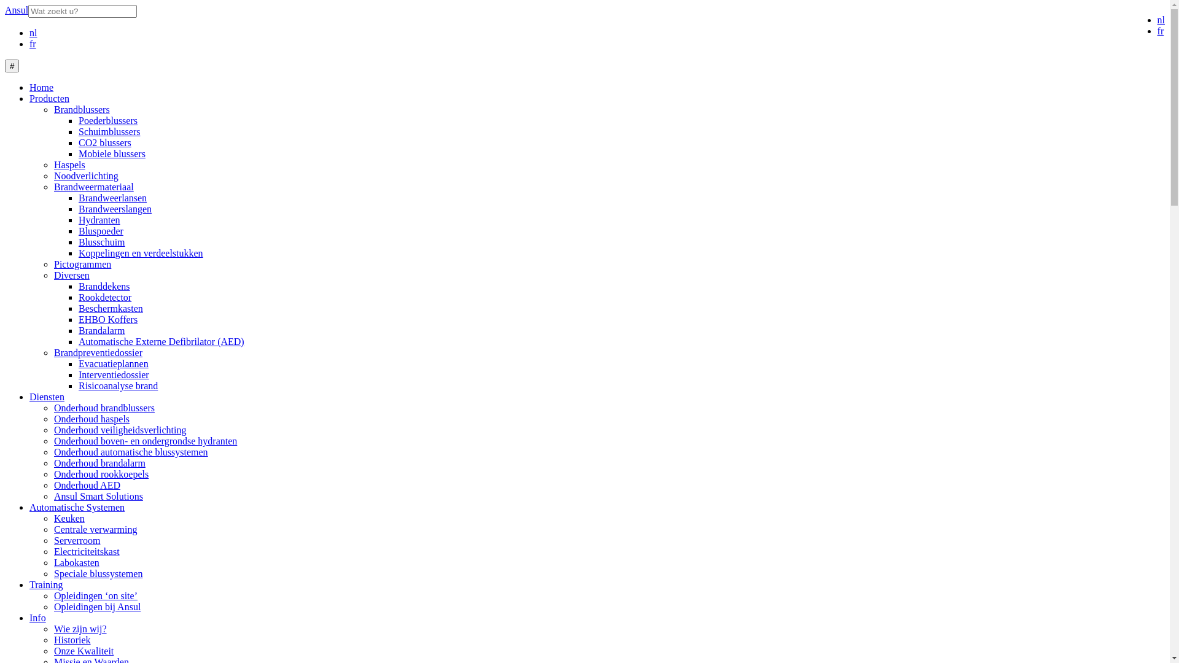 The height and width of the screenshot is (663, 1179). Describe the element at coordinates (53, 187) in the screenshot. I see `'Brandweermateriaal'` at that location.